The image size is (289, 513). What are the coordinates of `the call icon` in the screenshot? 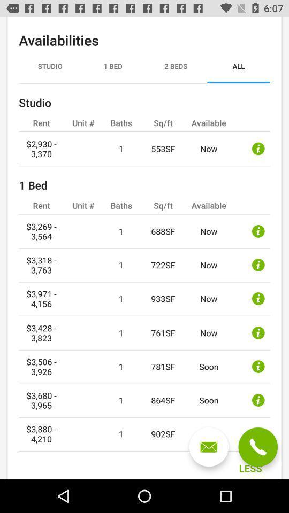 It's located at (257, 447).